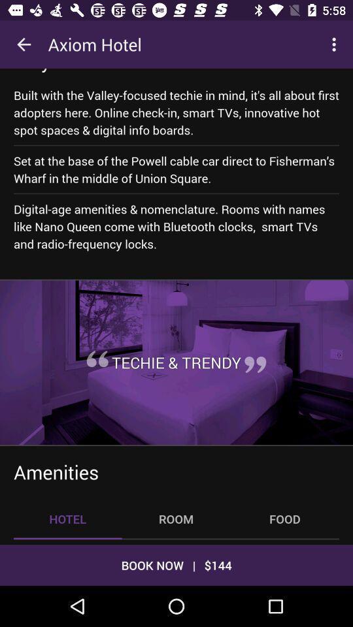 This screenshot has height=627, width=353. What do you see at coordinates (176, 519) in the screenshot?
I see `the icon next to the food item` at bounding box center [176, 519].